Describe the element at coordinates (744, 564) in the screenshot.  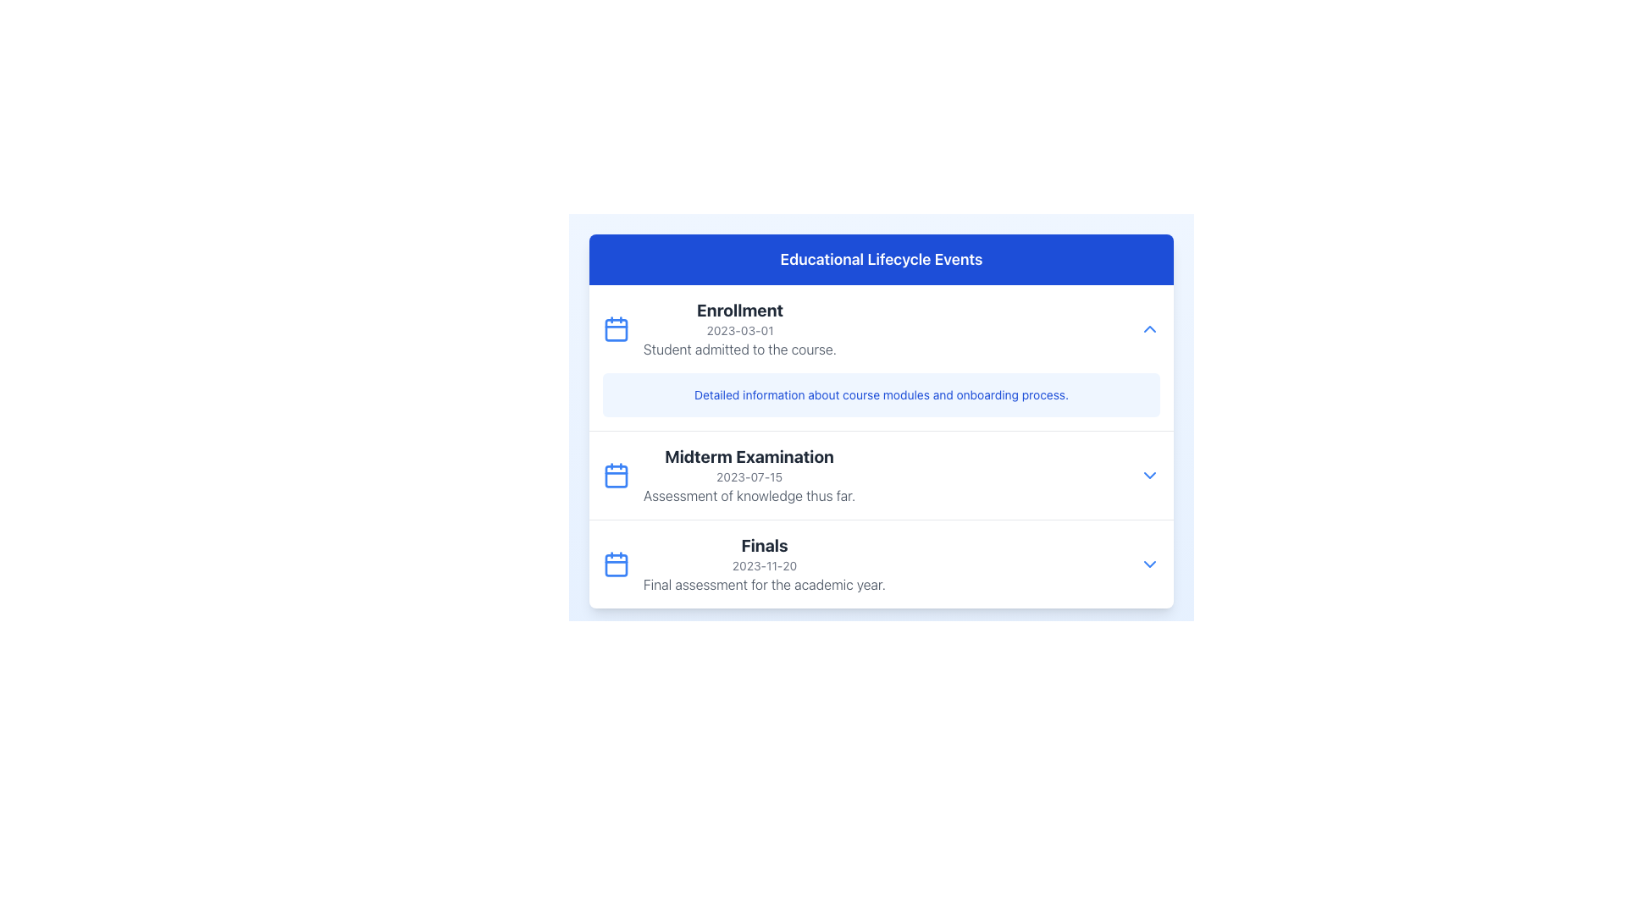
I see `the third entry in the vertically-structured list under the 'Educational Lifecycle Events' section, which is located just below the 'Midterm Examination' entry` at that location.